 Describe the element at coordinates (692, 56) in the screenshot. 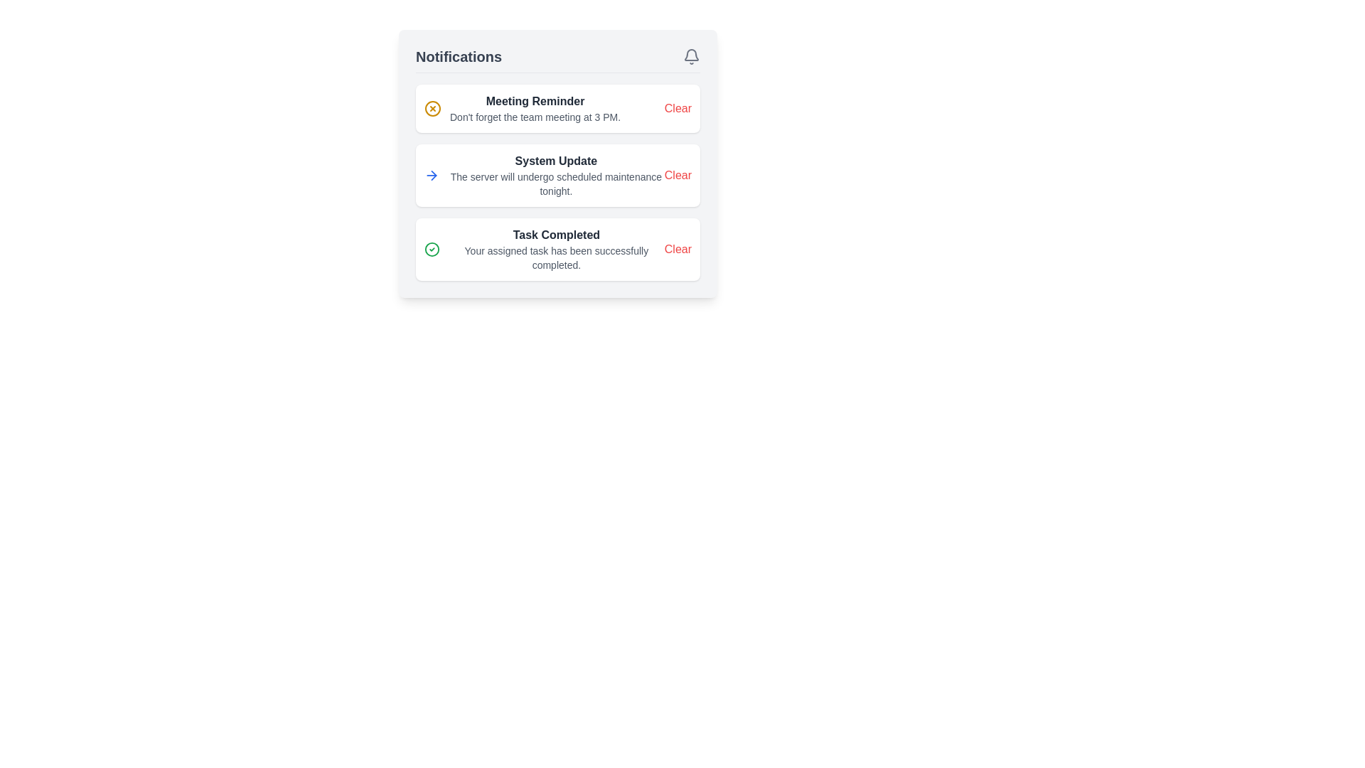

I see `the notifications icon located in the header` at that location.